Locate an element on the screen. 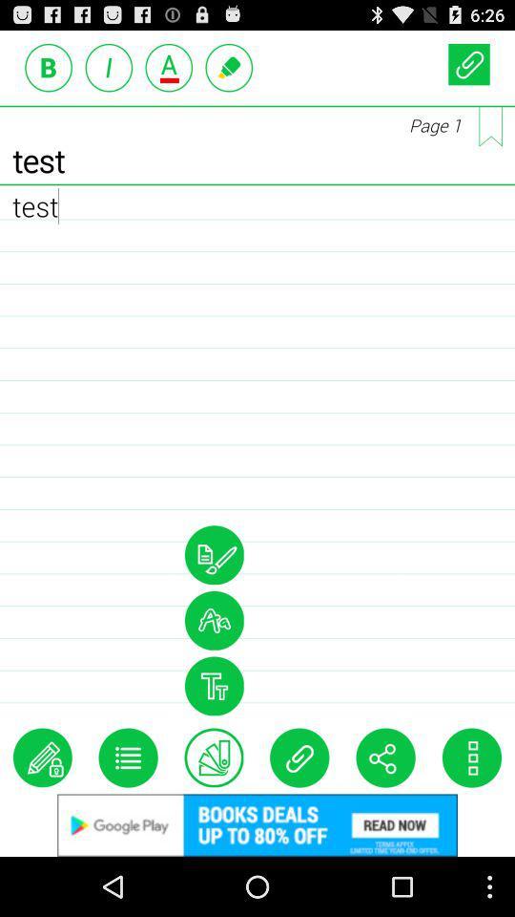  access font options is located at coordinates (213, 619).